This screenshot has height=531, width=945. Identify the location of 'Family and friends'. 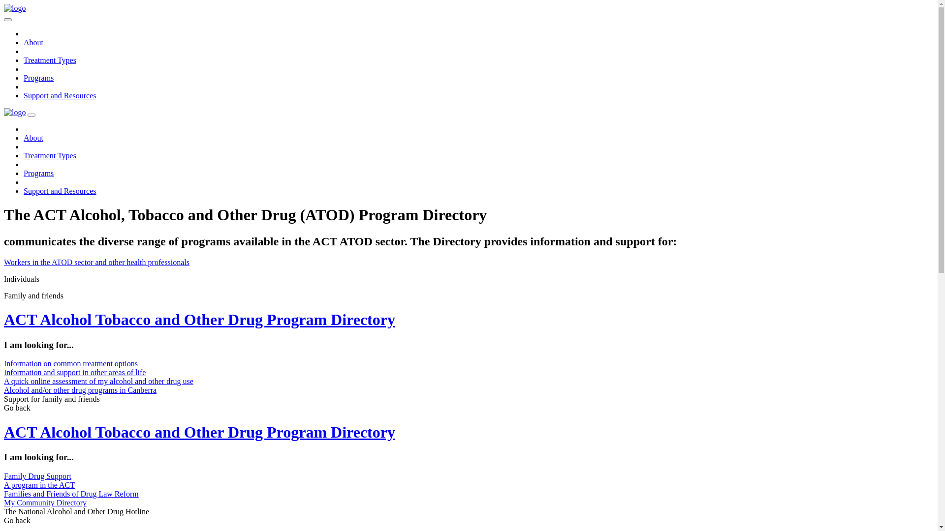
(4, 295).